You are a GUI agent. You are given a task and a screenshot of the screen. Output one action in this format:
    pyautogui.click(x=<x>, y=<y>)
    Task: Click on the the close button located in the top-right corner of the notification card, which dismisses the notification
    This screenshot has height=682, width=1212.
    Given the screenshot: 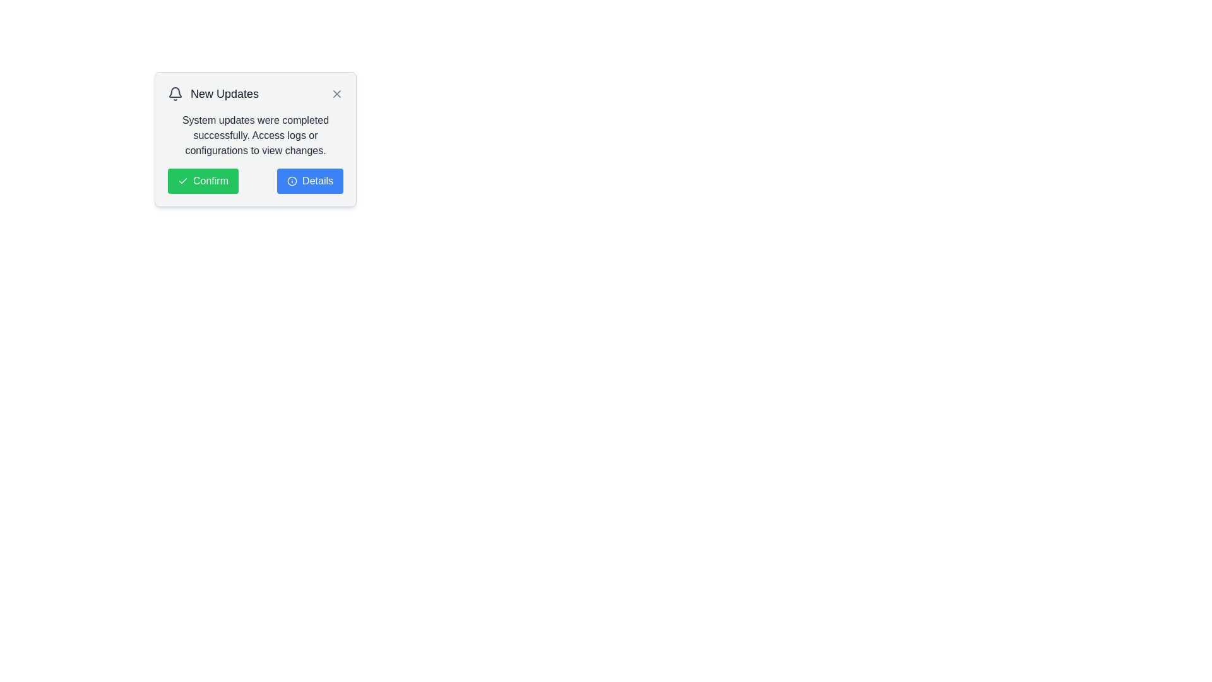 What is the action you would take?
    pyautogui.click(x=336, y=93)
    